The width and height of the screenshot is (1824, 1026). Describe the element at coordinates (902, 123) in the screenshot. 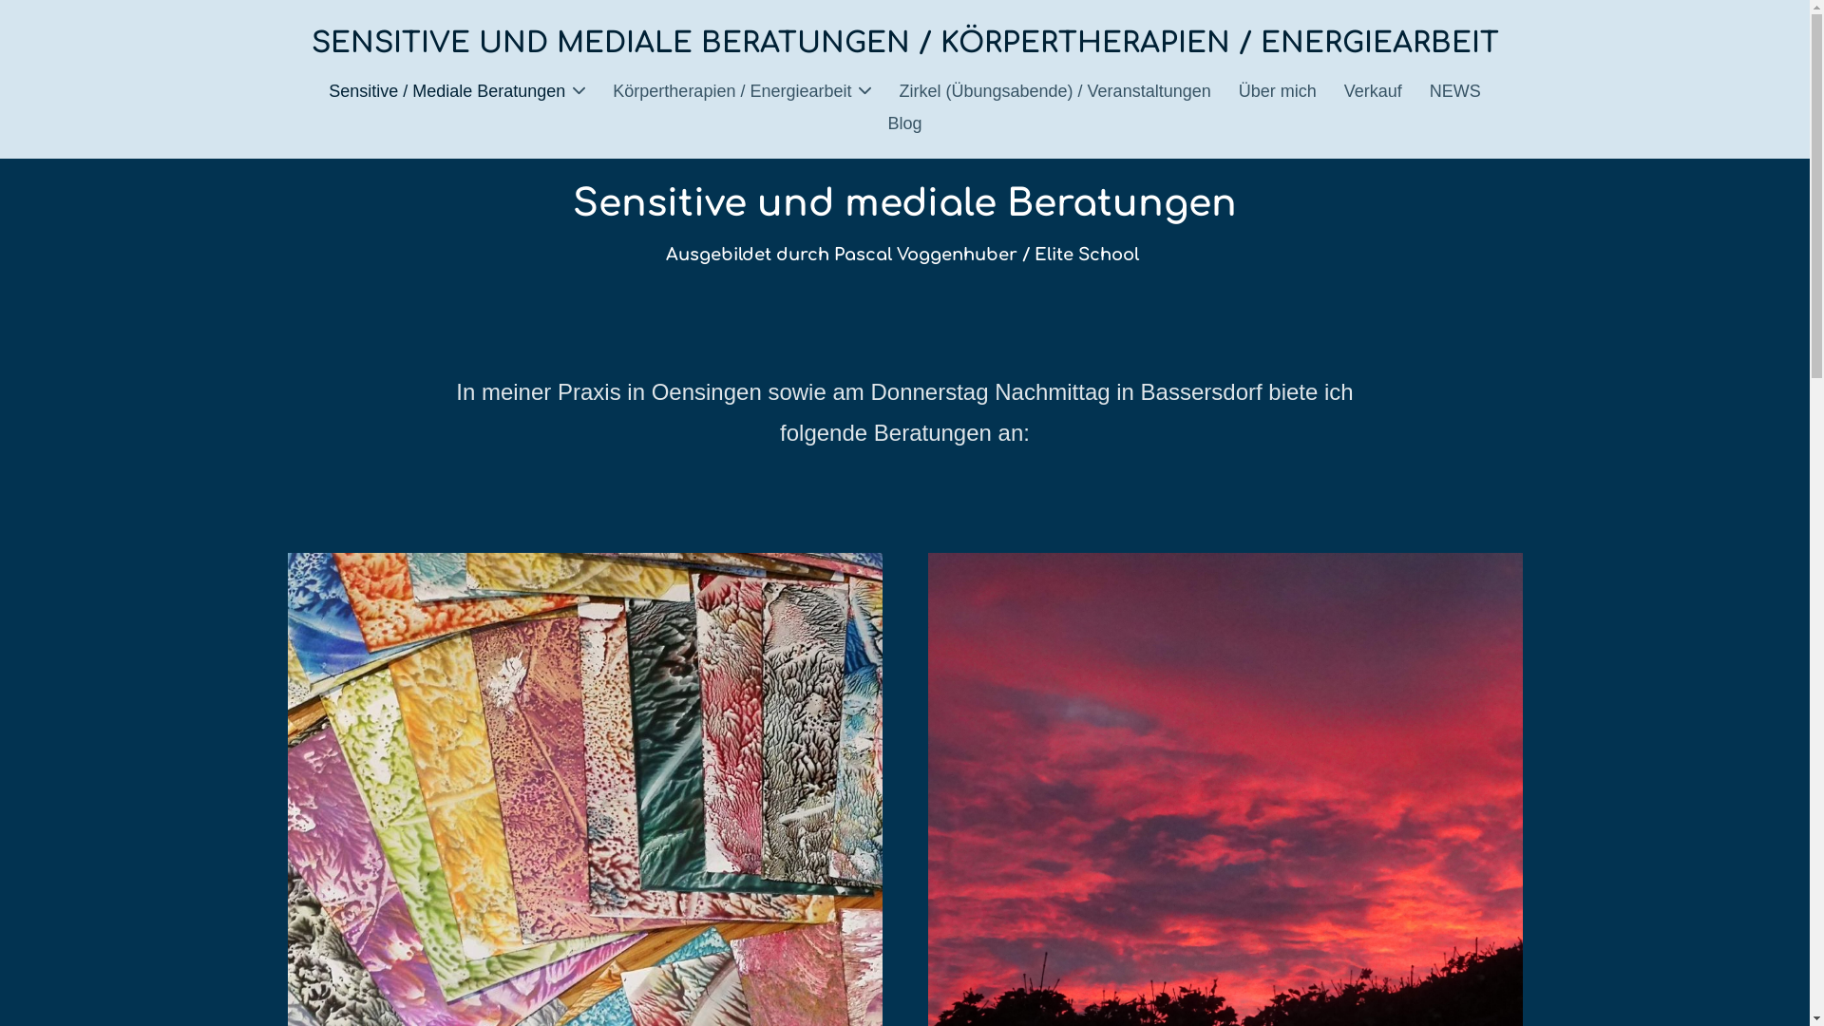

I see `'Blog'` at that location.